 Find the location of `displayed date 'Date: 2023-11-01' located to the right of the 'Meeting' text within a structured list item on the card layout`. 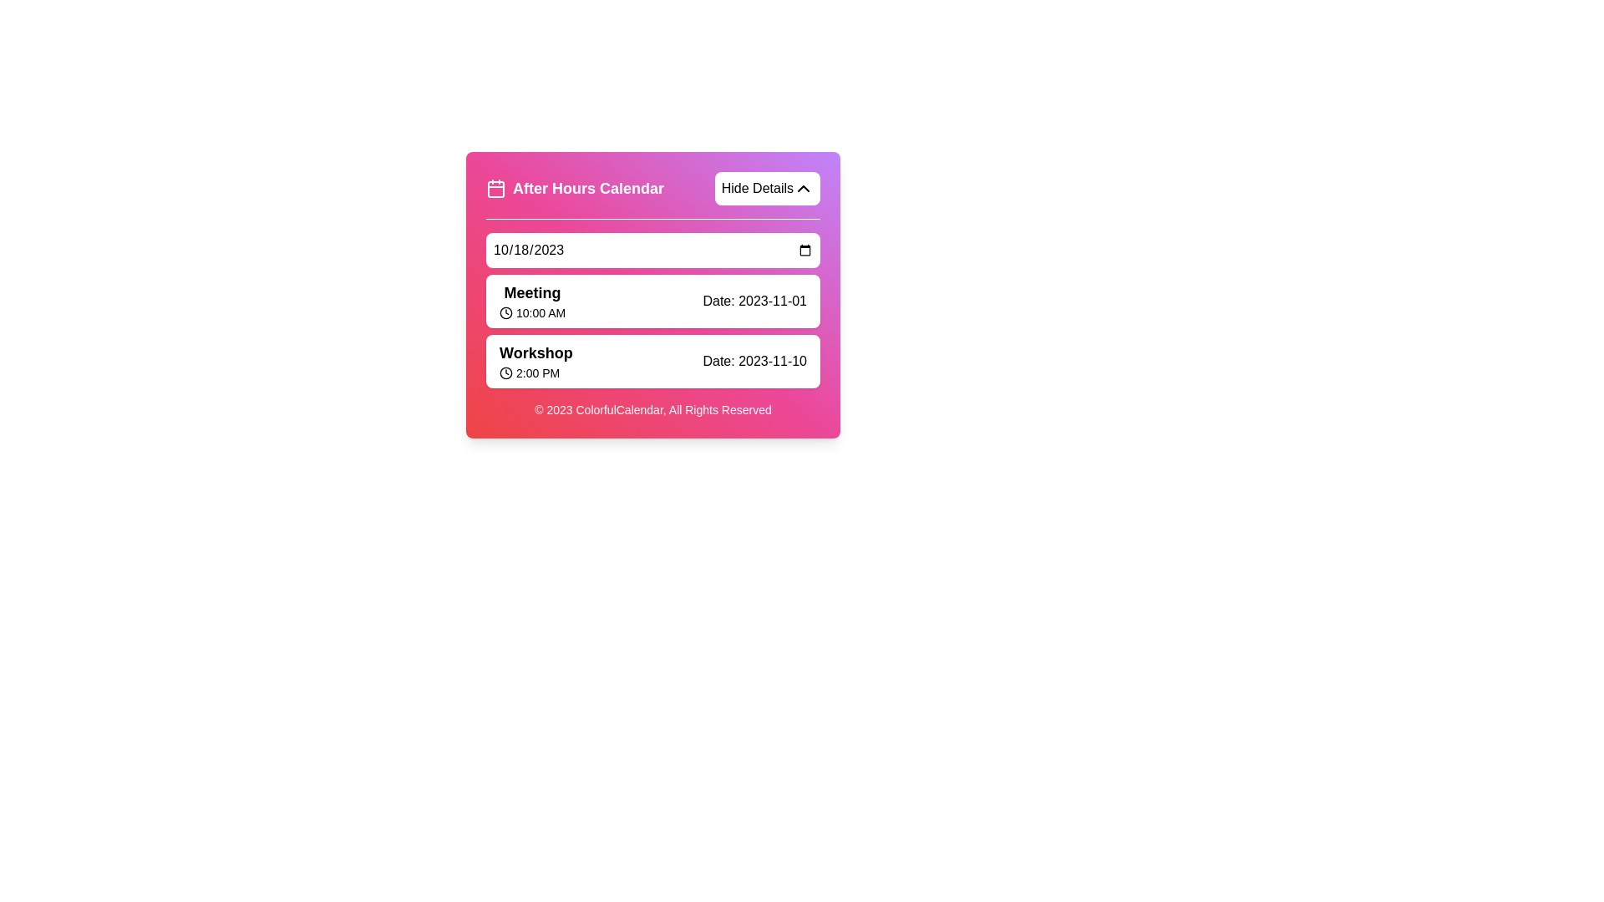

displayed date 'Date: 2023-11-01' located to the right of the 'Meeting' text within a structured list item on the card layout is located at coordinates (754, 302).